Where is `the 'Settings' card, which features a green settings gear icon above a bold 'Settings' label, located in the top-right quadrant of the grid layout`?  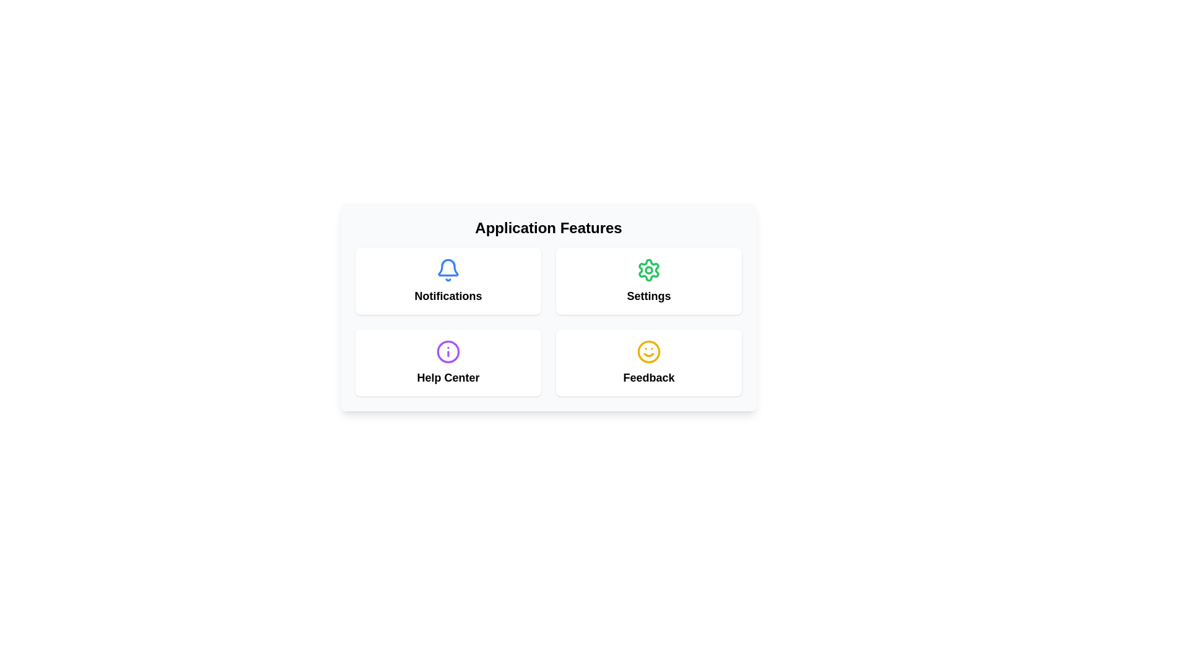
the 'Settings' card, which features a green settings gear icon above a bold 'Settings' label, located in the top-right quadrant of the grid layout is located at coordinates (648, 281).